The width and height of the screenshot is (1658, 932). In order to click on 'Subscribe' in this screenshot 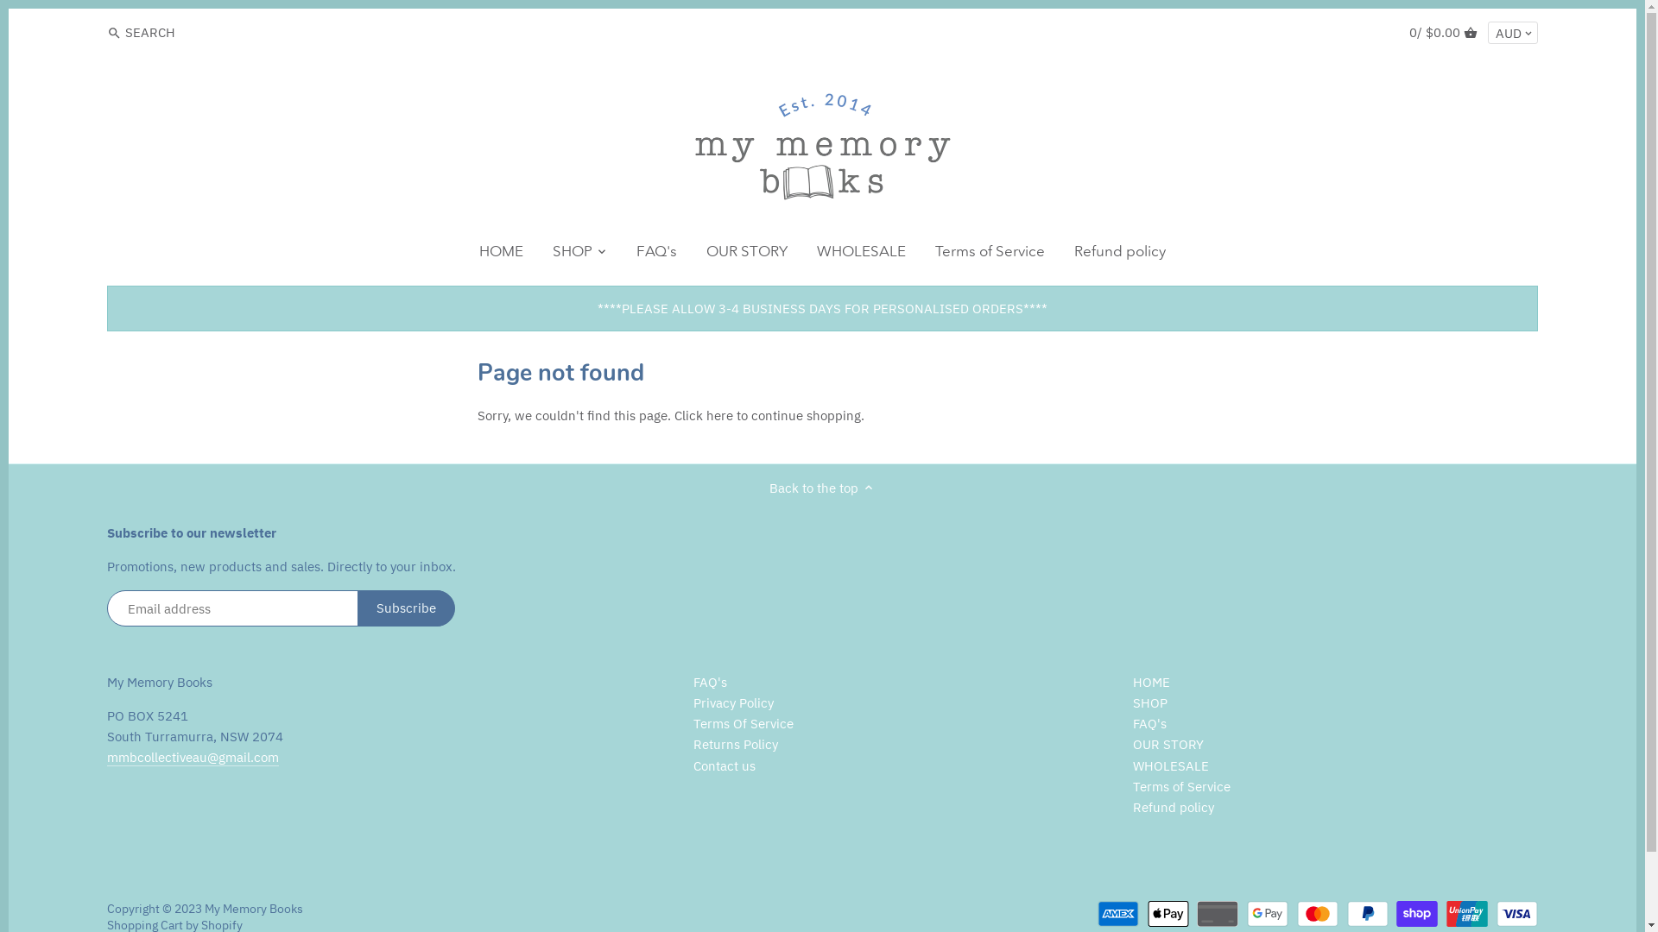, I will do `click(405, 608)`.